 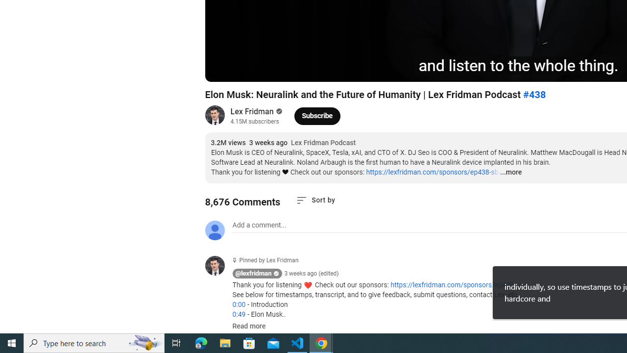 What do you see at coordinates (259, 225) in the screenshot?
I see `'AutomationID: simplebox-placeholder'` at bounding box center [259, 225].